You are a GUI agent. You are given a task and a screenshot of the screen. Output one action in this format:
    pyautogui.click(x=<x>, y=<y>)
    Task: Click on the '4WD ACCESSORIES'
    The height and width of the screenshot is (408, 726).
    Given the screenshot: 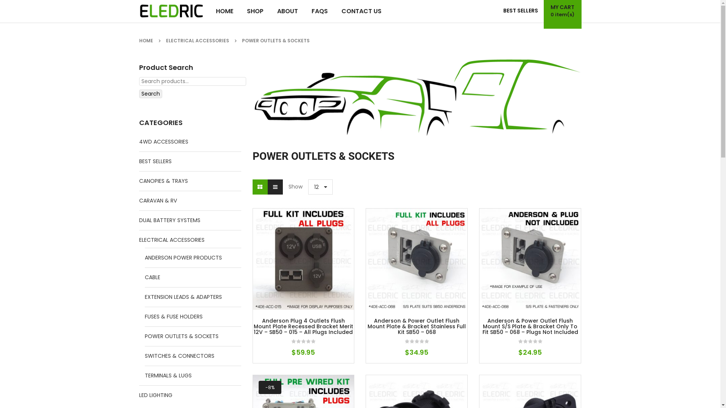 What is the action you would take?
    pyautogui.click(x=139, y=142)
    